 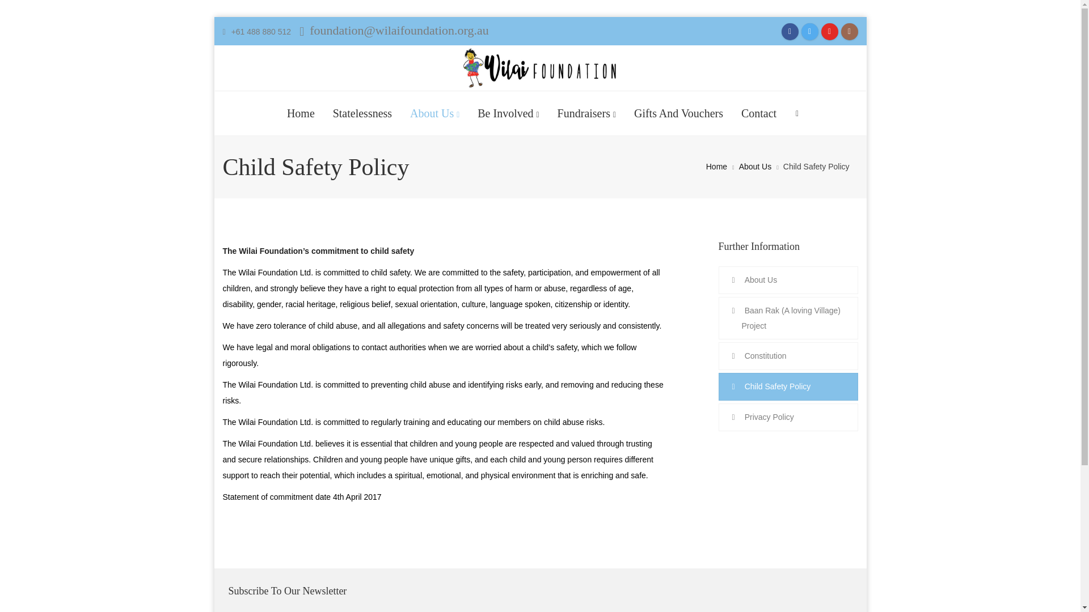 What do you see at coordinates (759, 113) in the screenshot?
I see `'Contact'` at bounding box center [759, 113].